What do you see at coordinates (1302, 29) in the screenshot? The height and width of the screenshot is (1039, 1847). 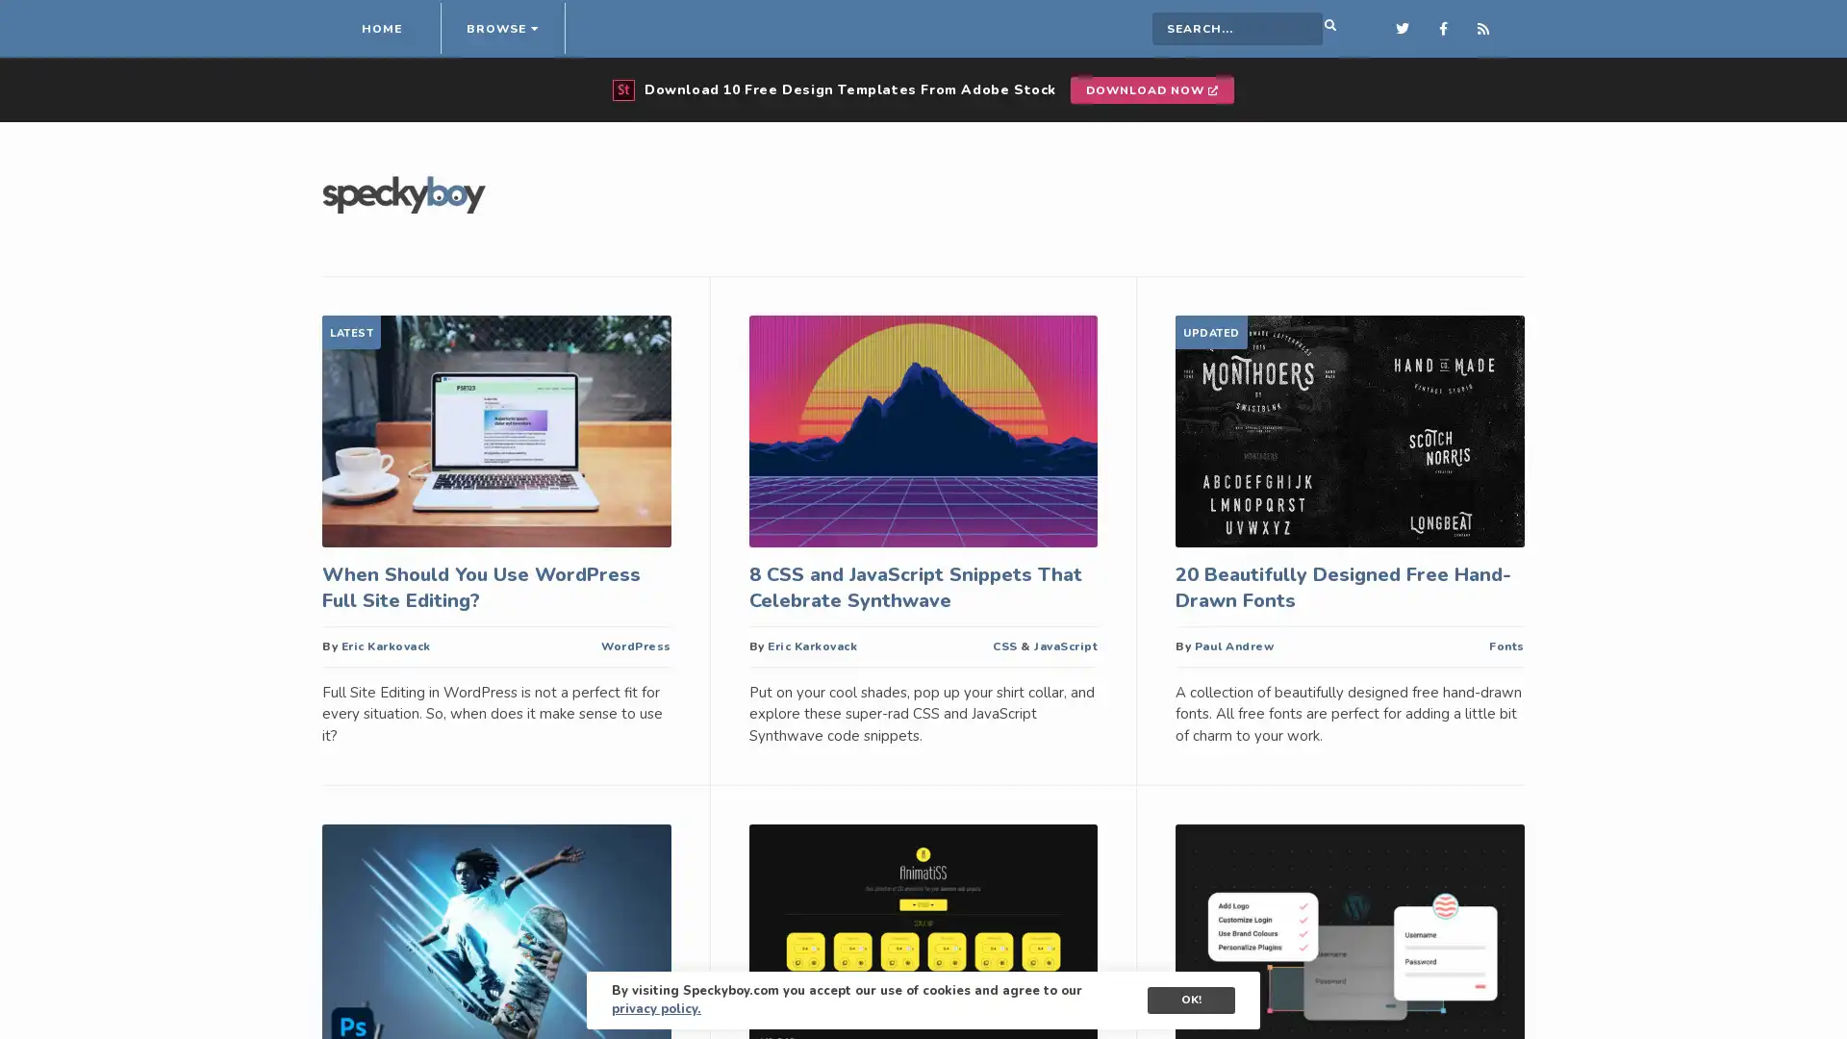 I see `Search` at bounding box center [1302, 29].